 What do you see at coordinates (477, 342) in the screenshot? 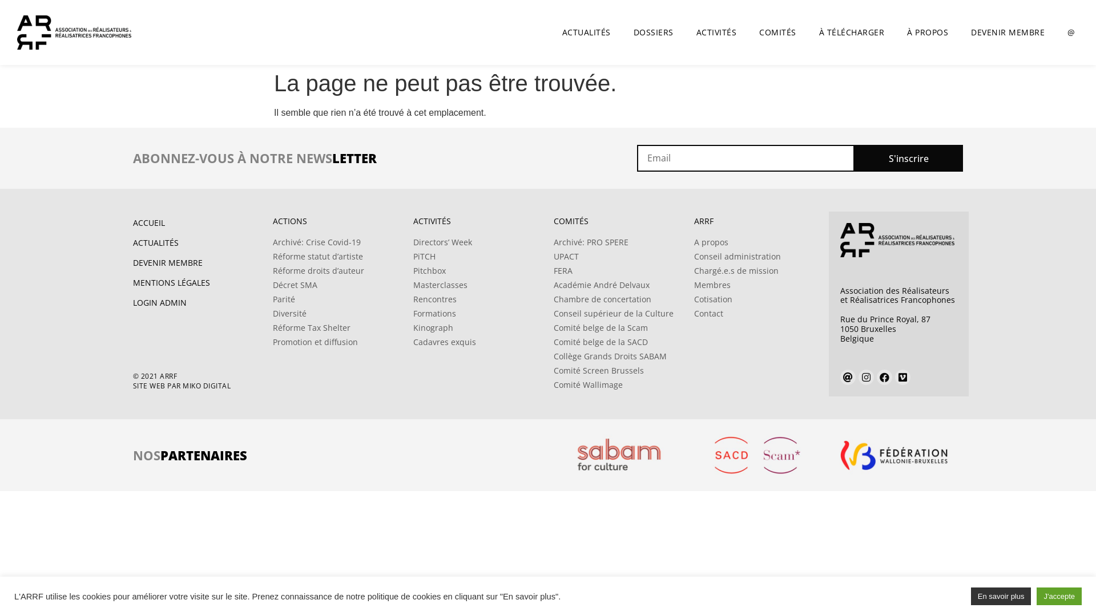
I see `'Cadavres exquis'` at bounding box center [477, 342].